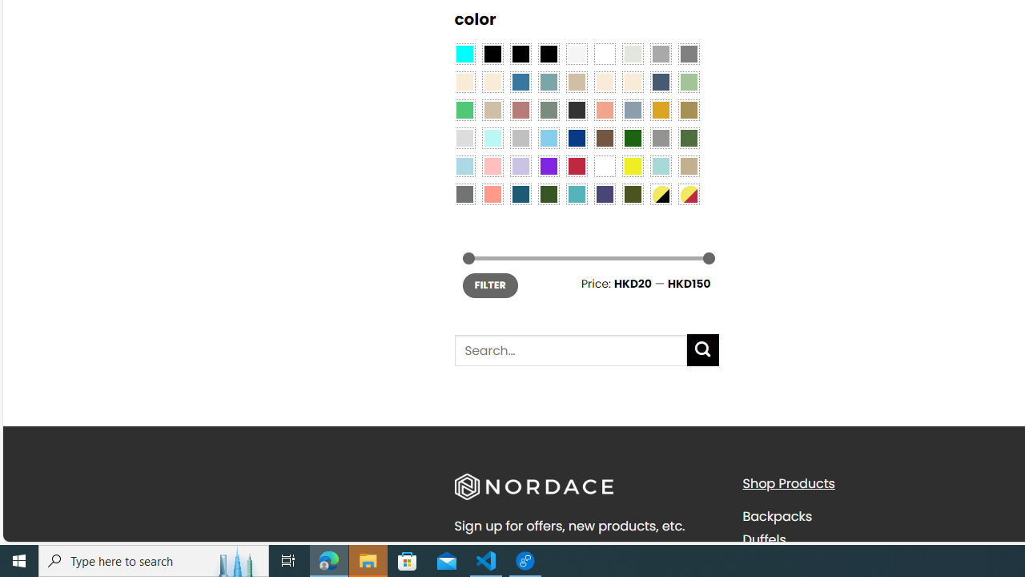 This screenshot has width=1025, height=577. I want to click on 'Emerald Green', so click(463, 110).